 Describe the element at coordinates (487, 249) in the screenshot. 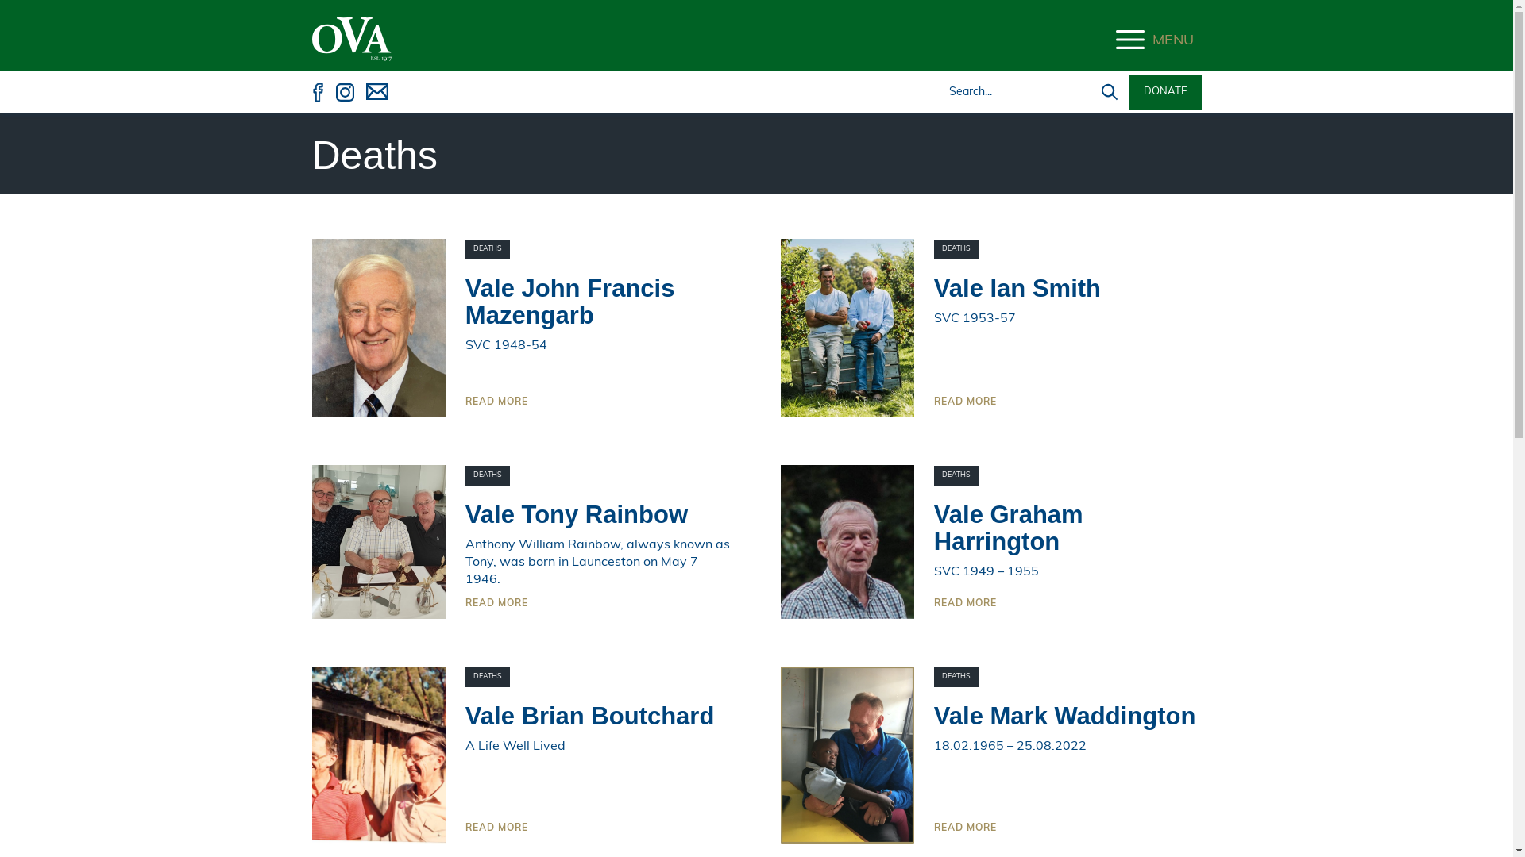

I see `'DEATHS'` at that location.